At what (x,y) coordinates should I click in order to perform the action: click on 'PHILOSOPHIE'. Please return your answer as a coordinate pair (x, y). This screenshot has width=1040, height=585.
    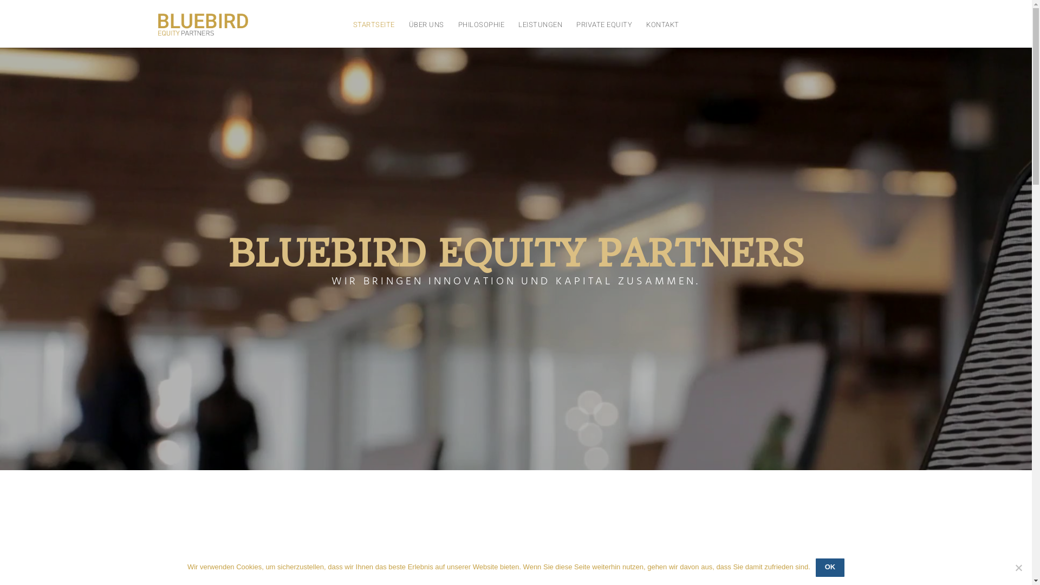
    Looking at the image, I should click on (480, 24).